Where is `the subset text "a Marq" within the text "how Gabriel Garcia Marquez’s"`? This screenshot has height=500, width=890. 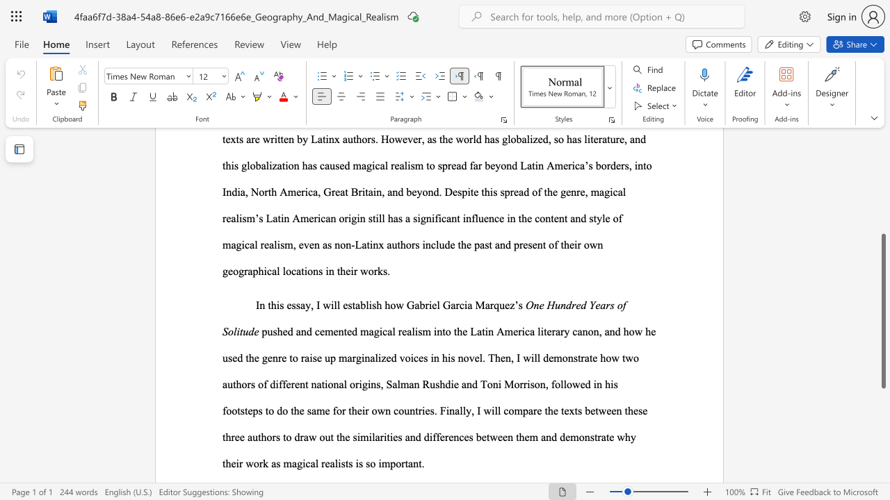
the subset text "a Marq" within the text "how Gabriel Garcia Marquez’s" is located at coordinates (467, 304).